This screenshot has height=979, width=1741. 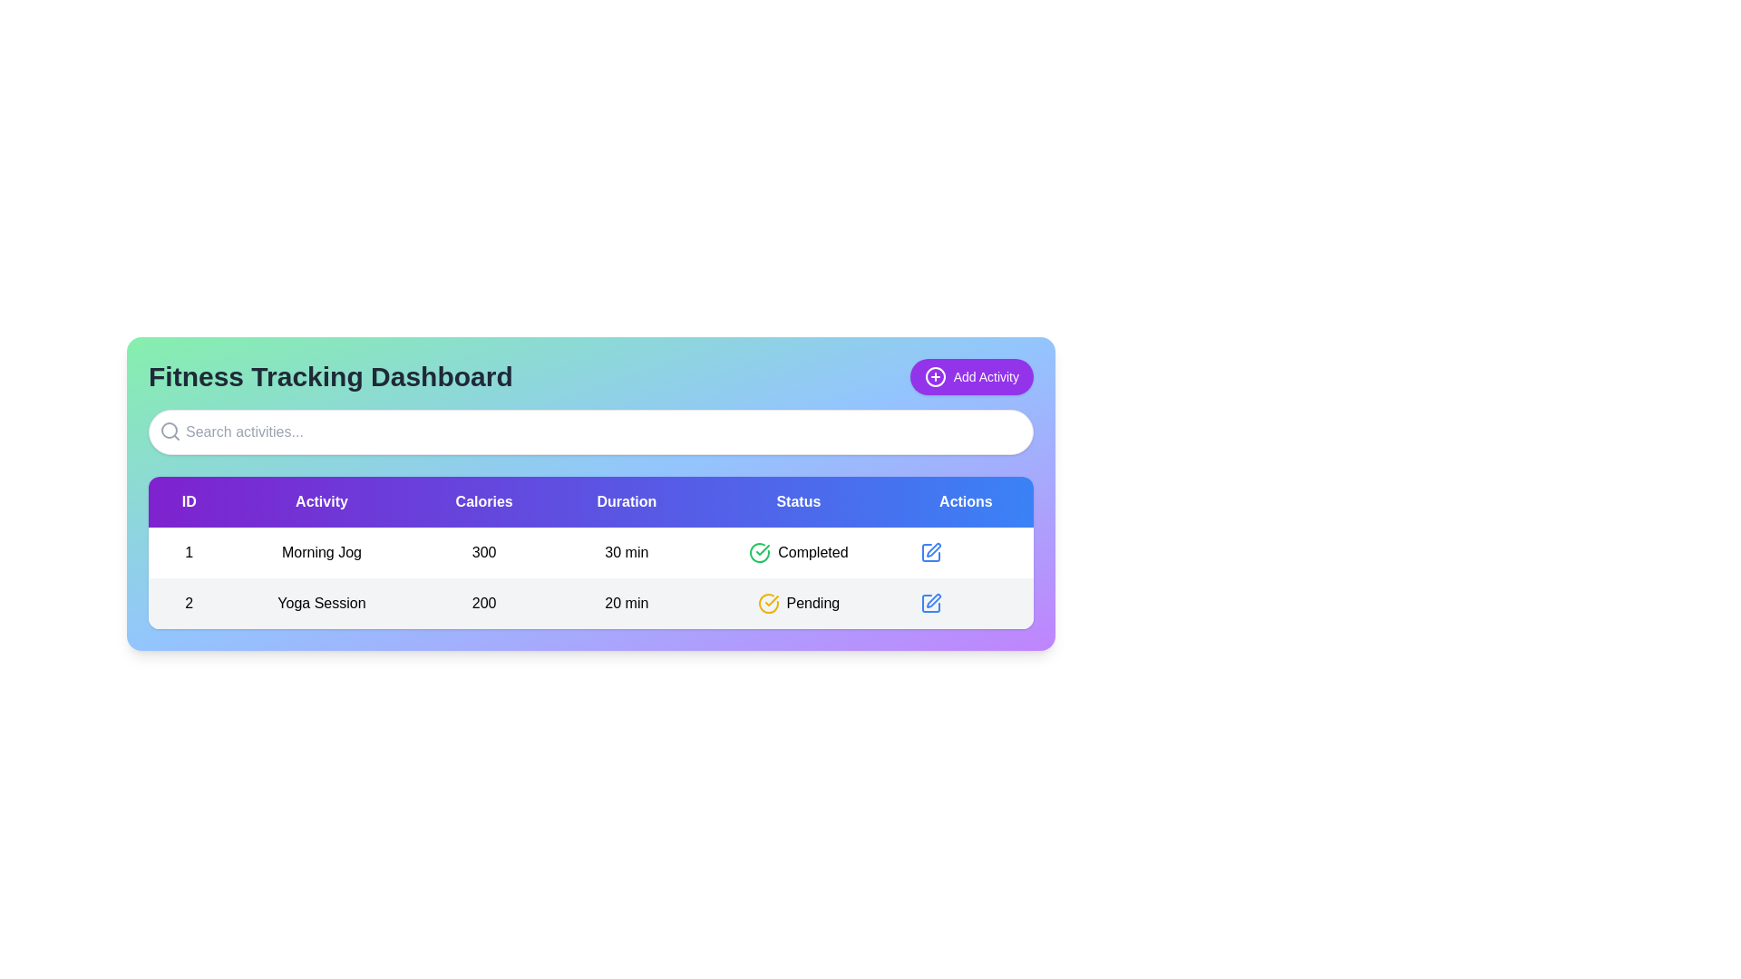 I want to click on the static text label displaying 'Yoga Session' located in the second row under the 'Activity' column of the table, so click(x=322, y=604).